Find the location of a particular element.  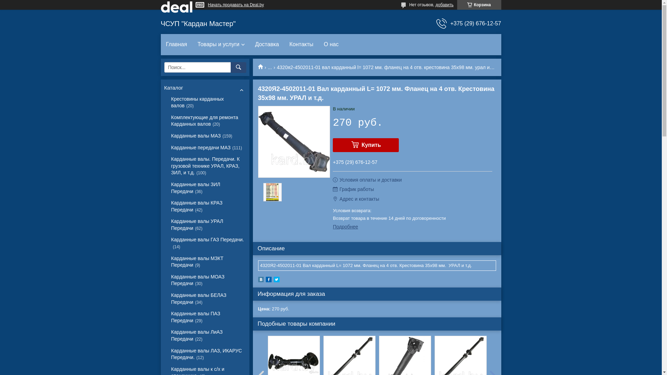

'twitter' is located at coordinates (276, 280).